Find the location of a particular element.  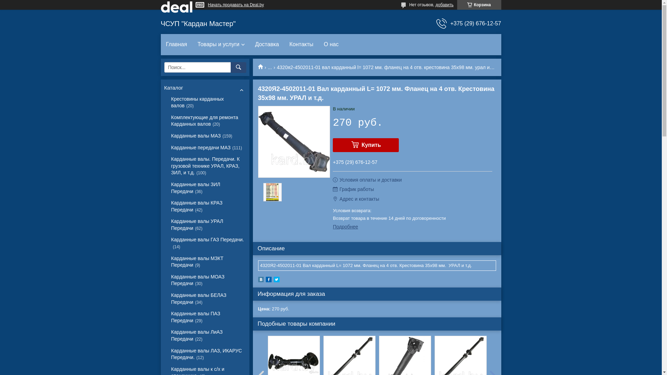

'twitter' is located at coordinates (276, 280).